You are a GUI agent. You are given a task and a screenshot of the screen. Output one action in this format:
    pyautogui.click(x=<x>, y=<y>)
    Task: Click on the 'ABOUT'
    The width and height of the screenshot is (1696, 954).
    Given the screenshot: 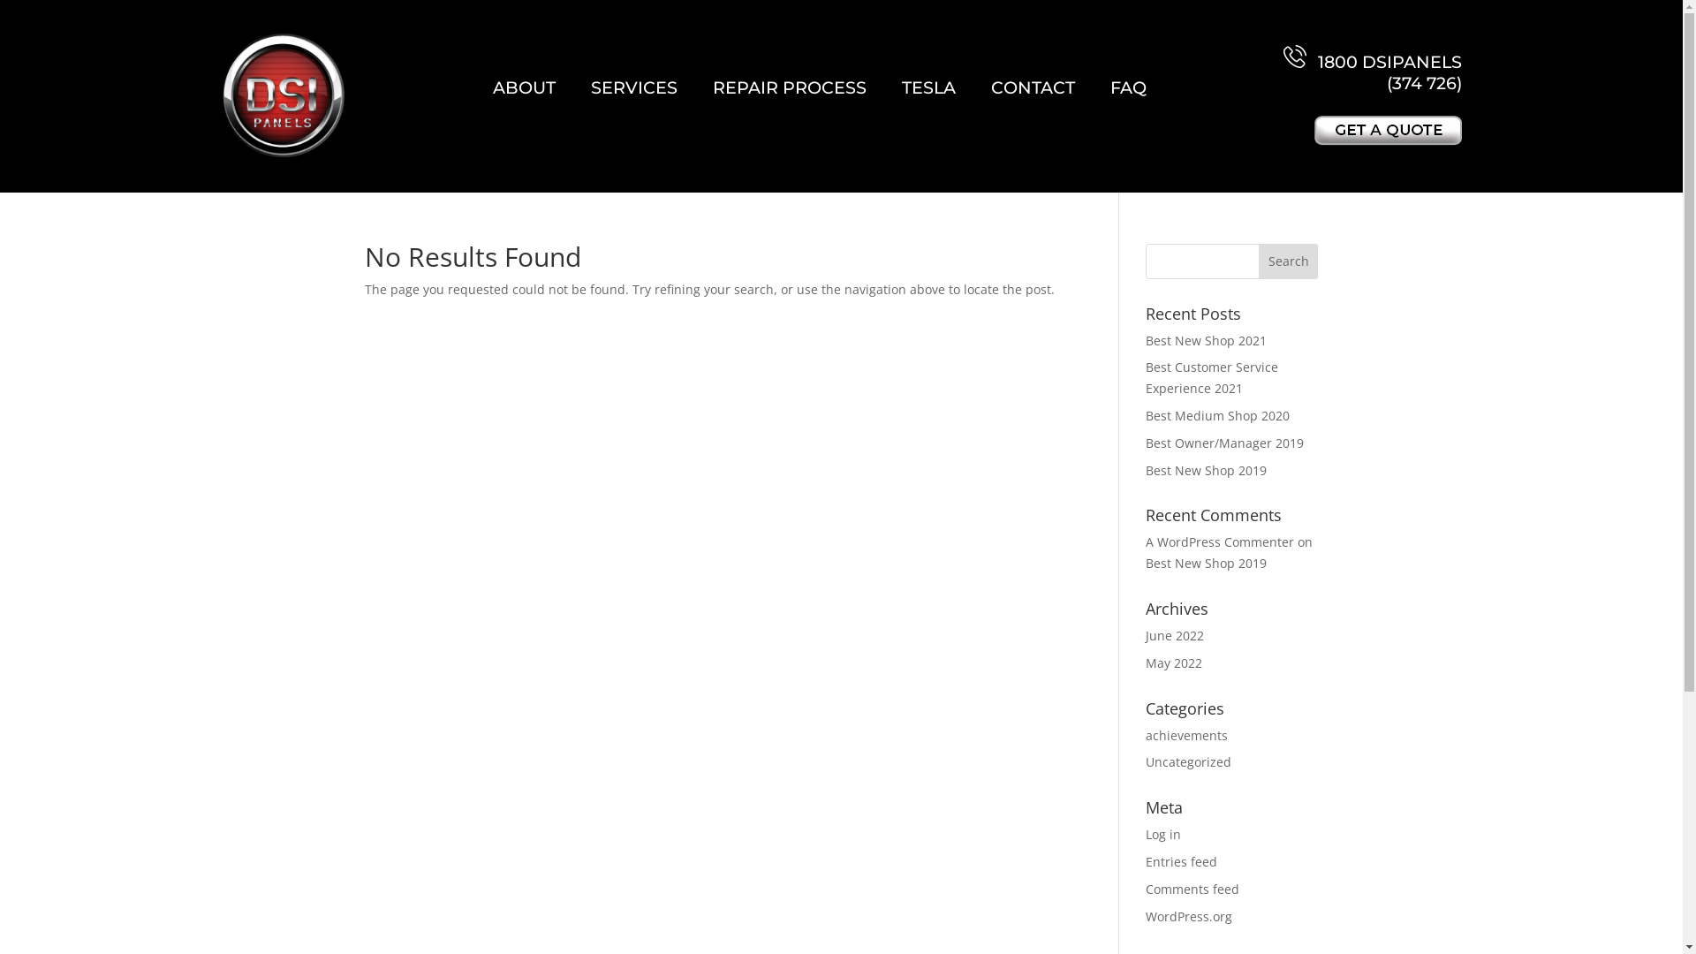 What is the action you would take?
    pyautogui.click(x=523, y=87)
    